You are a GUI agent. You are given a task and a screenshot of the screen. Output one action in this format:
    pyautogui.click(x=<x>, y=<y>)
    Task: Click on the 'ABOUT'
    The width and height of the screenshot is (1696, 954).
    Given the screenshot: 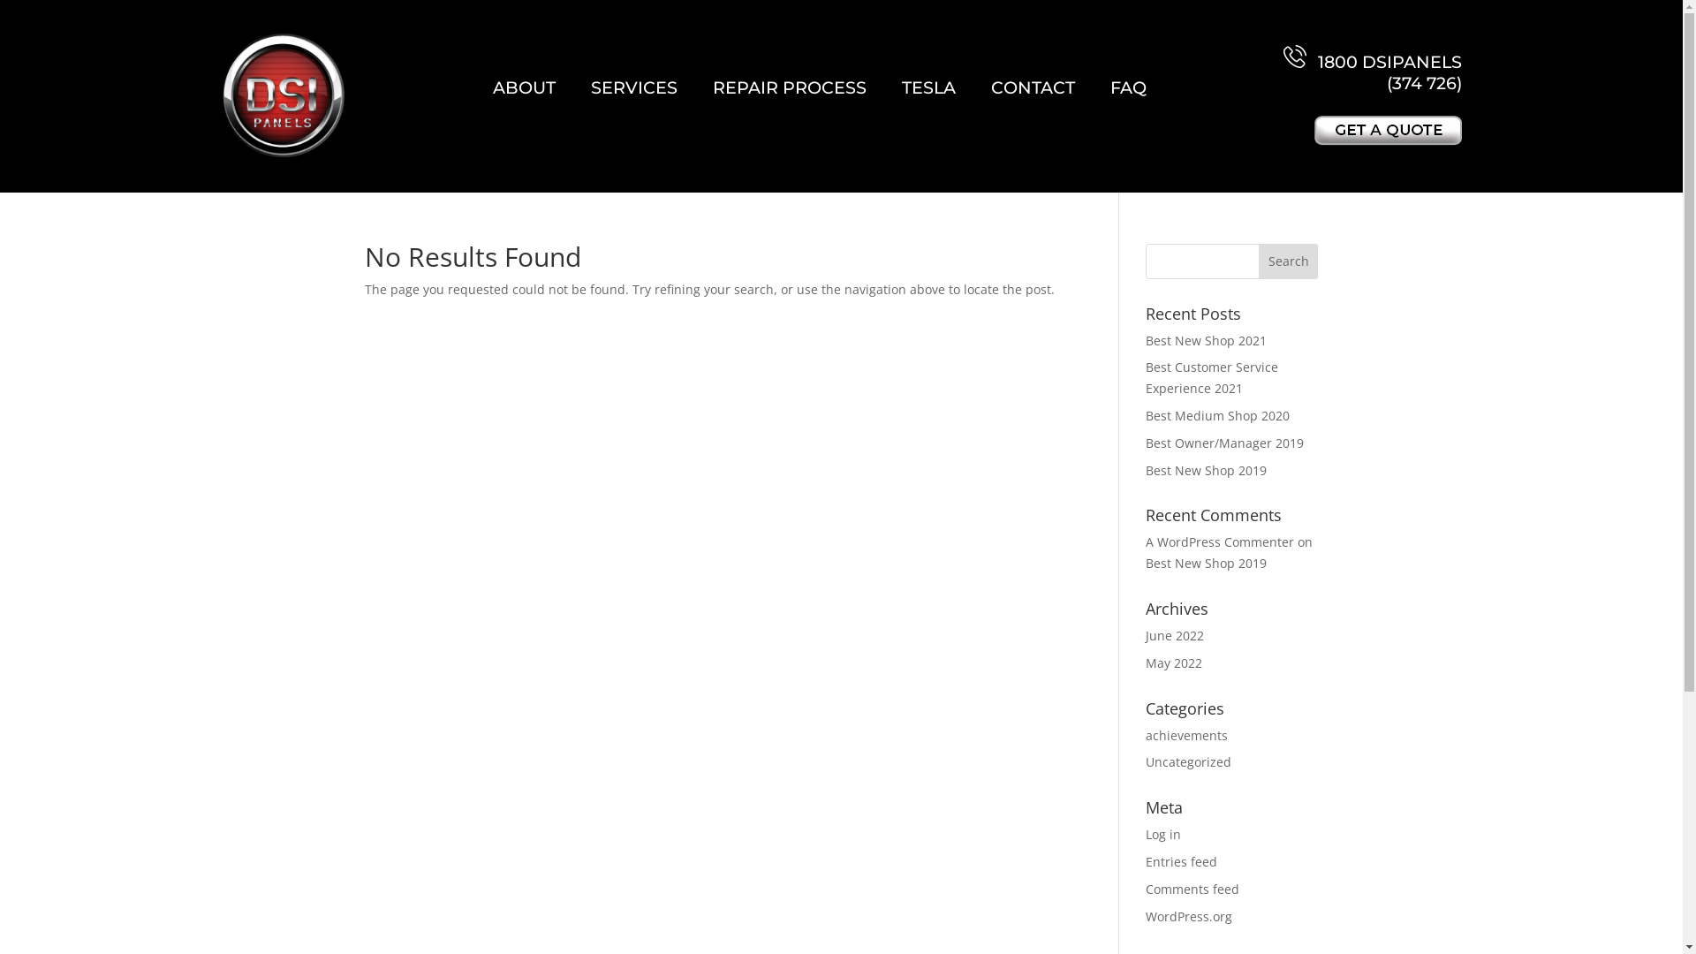 What is the action you would take?
    pyautogui.click(x=523, y=87)
    